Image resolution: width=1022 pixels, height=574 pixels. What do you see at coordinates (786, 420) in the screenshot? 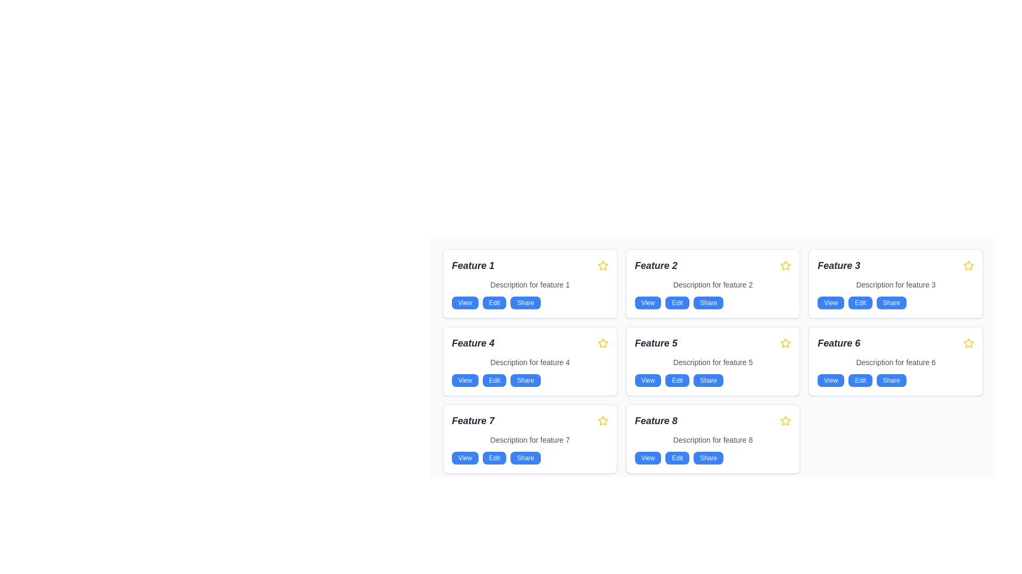
I see `the star-shaped rating icon with a yellow border and white fill located in the top-right corner of the 'Feature 8' card` at bounding box center [786, 420].